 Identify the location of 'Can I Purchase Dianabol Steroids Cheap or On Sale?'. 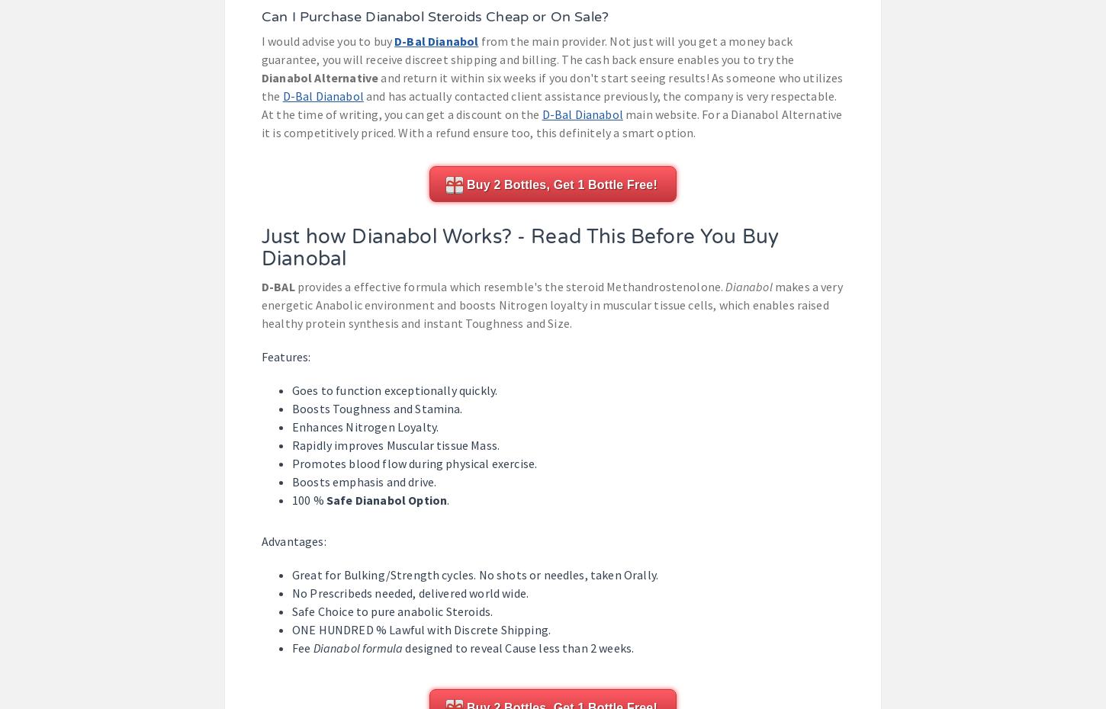
(435, 16).